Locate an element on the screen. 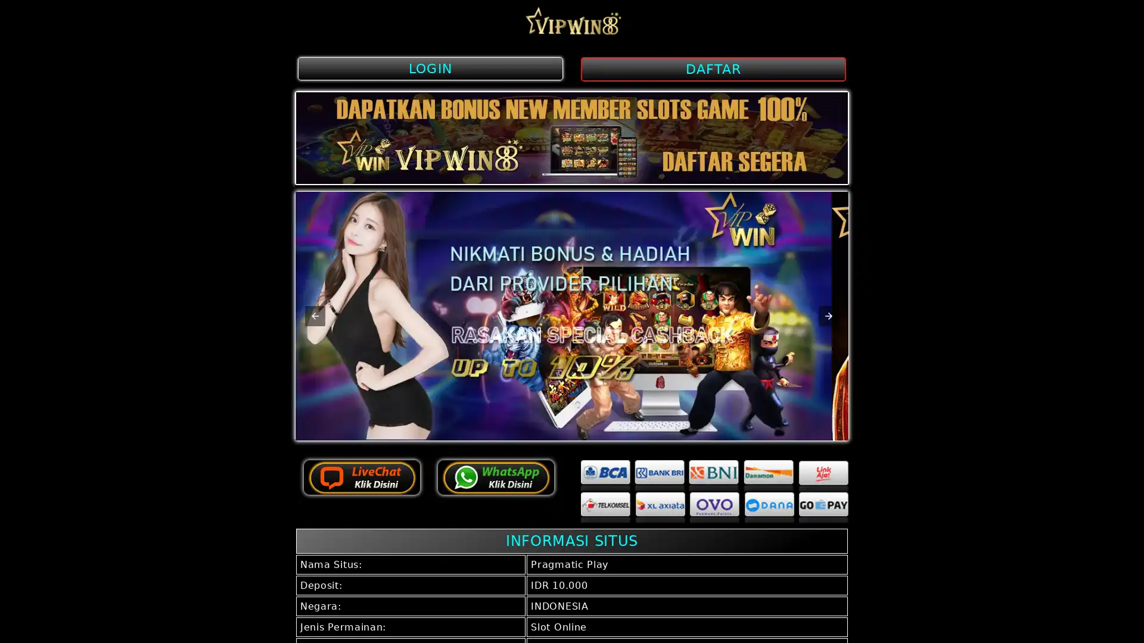 This screenshot has width=1144, height=643. LOGIN is located at coordinates (430, 68).